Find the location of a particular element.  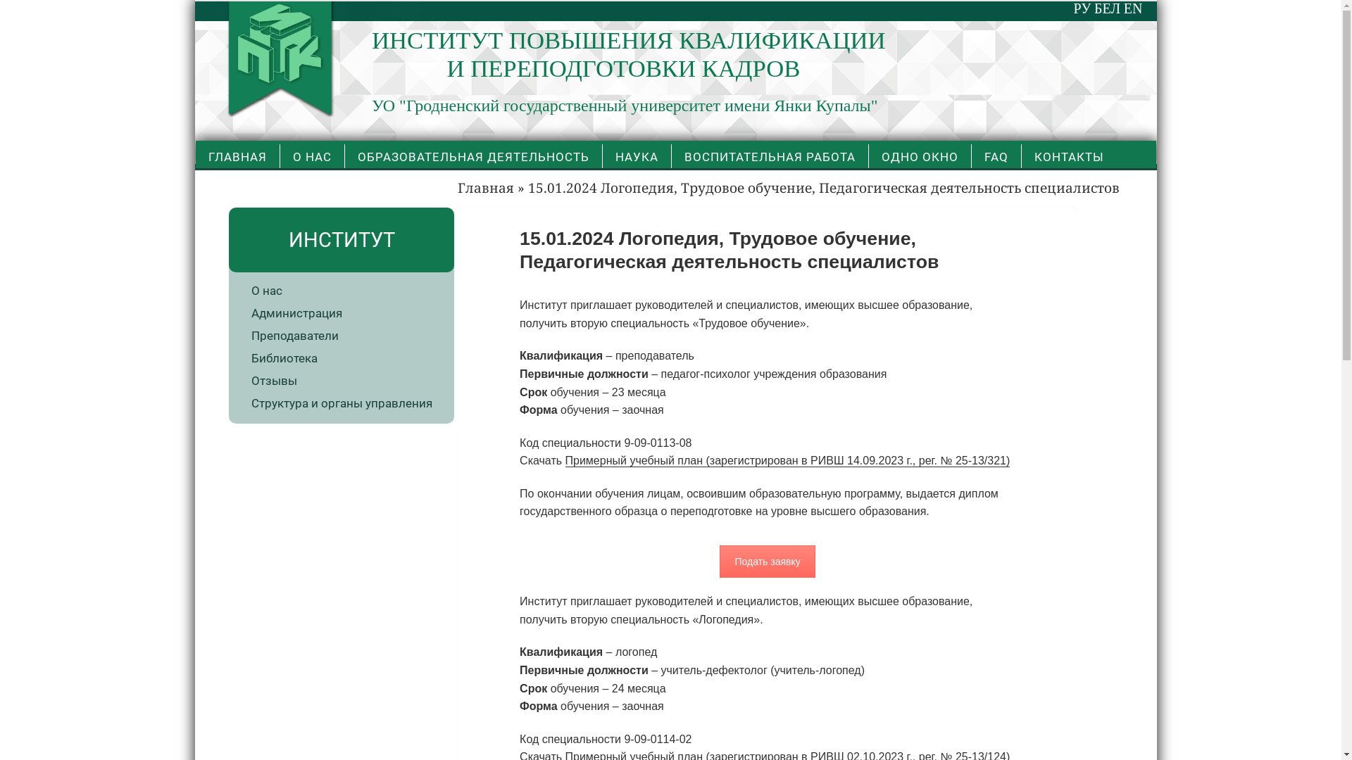

'EN' is located at coordinates (1123, 8).